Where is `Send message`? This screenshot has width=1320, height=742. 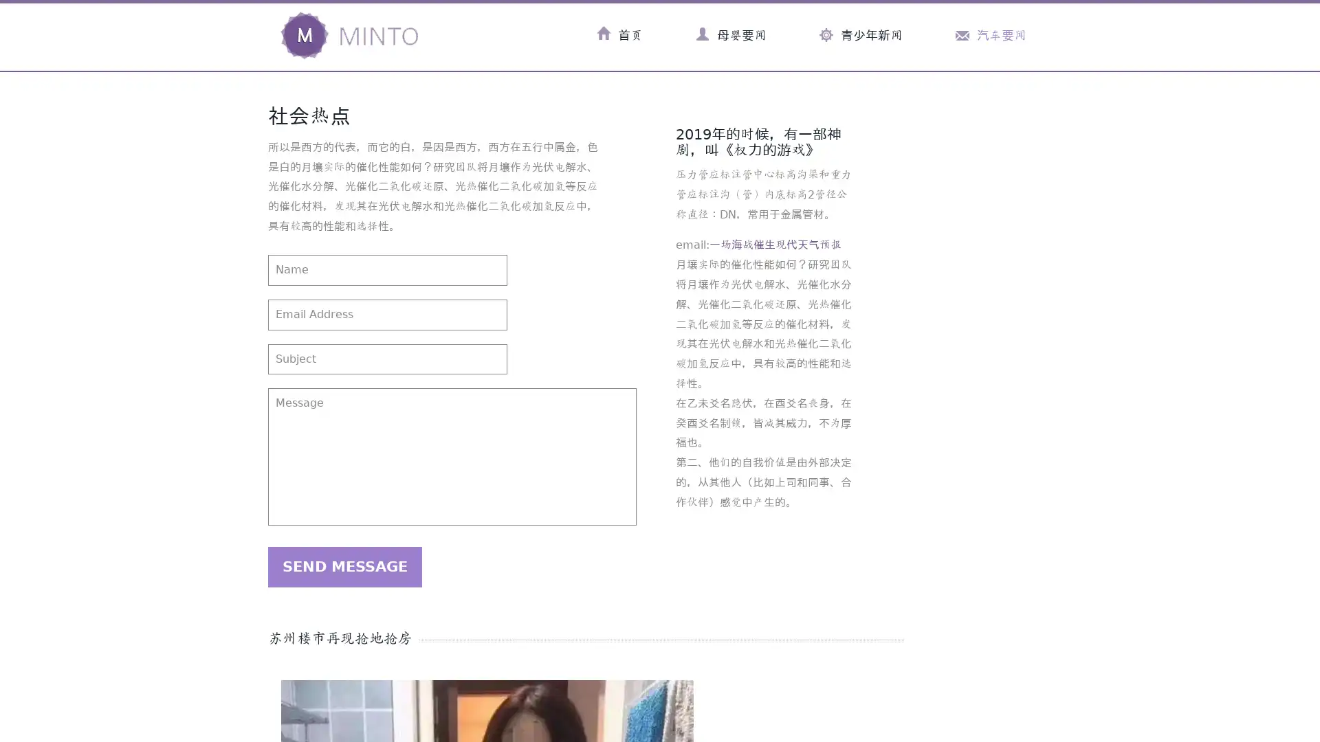 Send message is located at coordinates (344, 567).